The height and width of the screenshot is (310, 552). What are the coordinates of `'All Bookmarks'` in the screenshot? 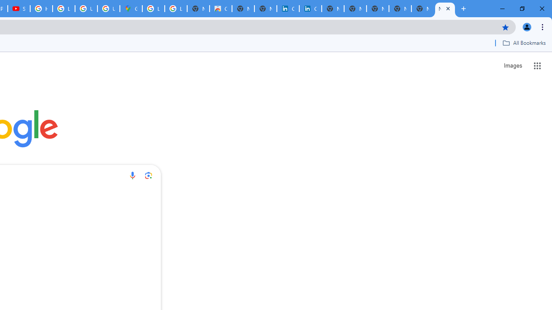 It's located at (524, 43).